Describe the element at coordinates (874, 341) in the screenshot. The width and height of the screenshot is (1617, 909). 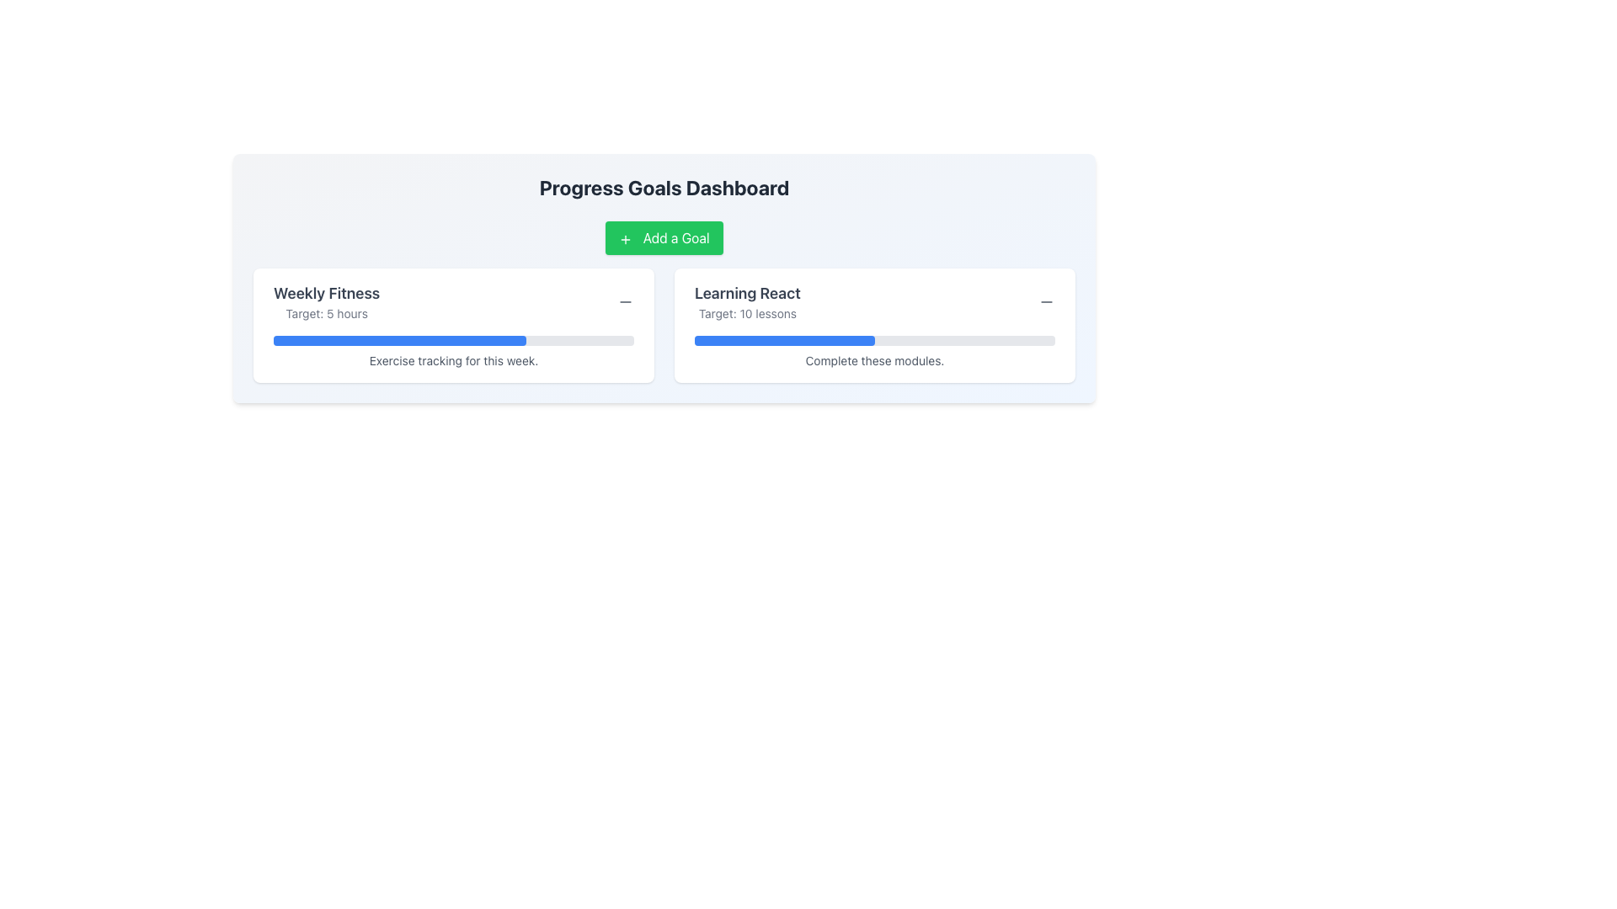
I see `the progress bar located beneath the text 'Target: 10 lessons' and above 'Complete these modules' in the 'Learning React' card` at that location.